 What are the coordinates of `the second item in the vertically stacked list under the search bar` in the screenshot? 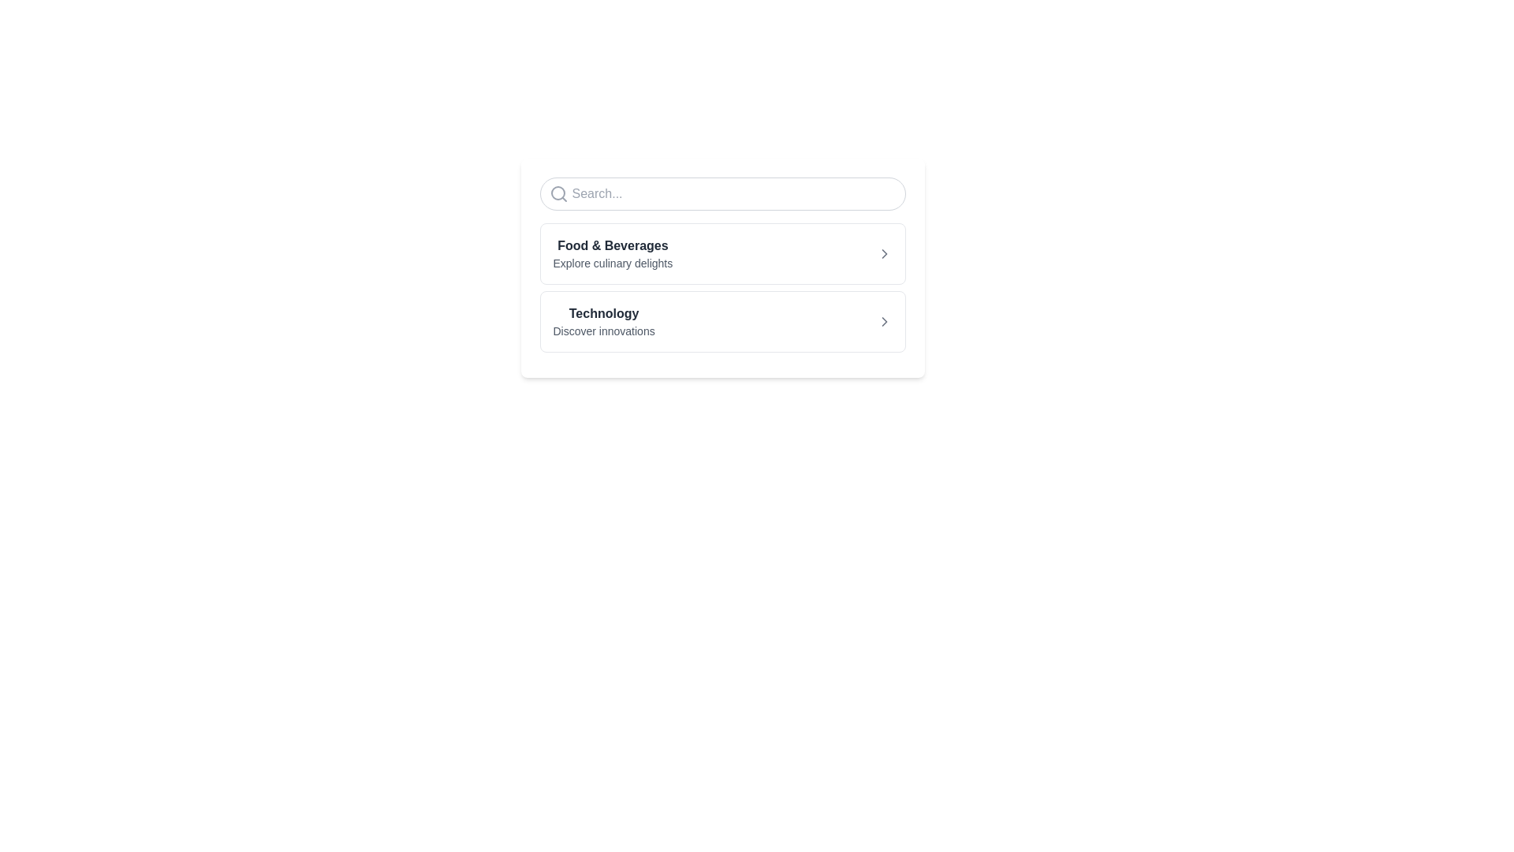 It's located at (722, 321).